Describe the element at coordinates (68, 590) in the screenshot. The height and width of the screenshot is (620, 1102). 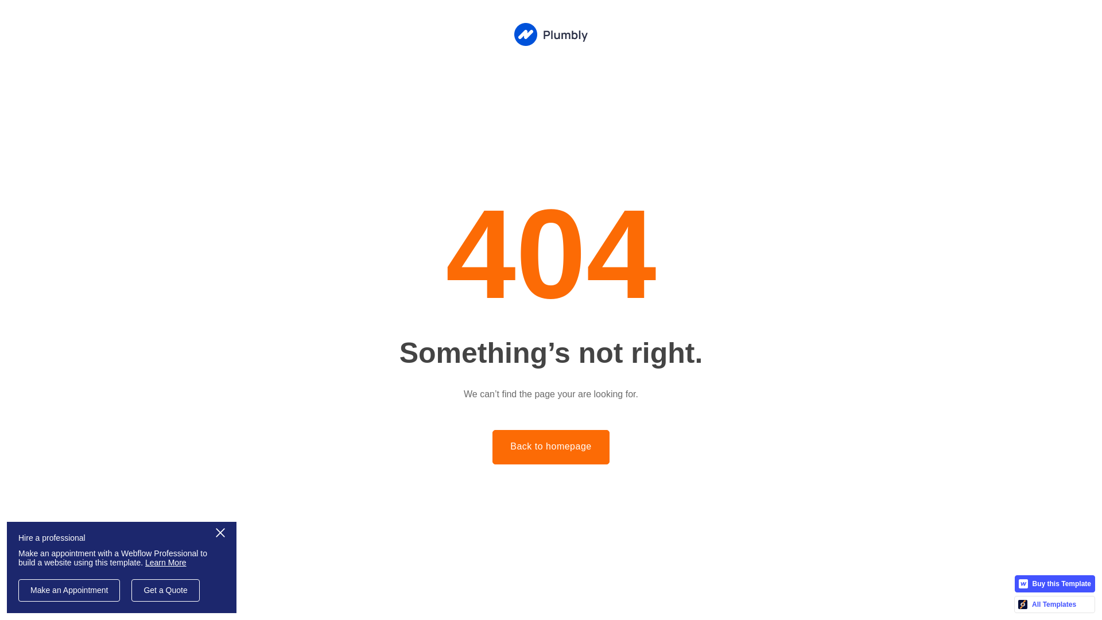
I see `'Make an Appointment'` at that location.